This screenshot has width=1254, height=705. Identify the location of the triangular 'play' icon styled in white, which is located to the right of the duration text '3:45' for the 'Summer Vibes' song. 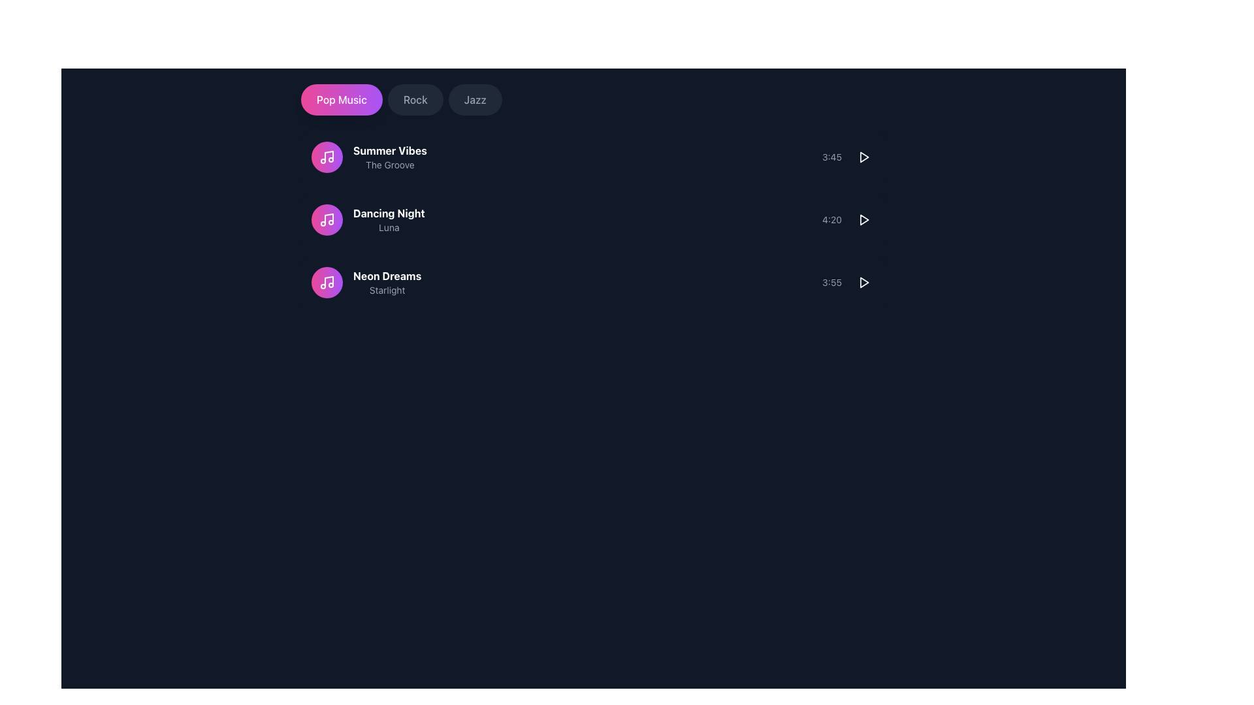
(864, 156).